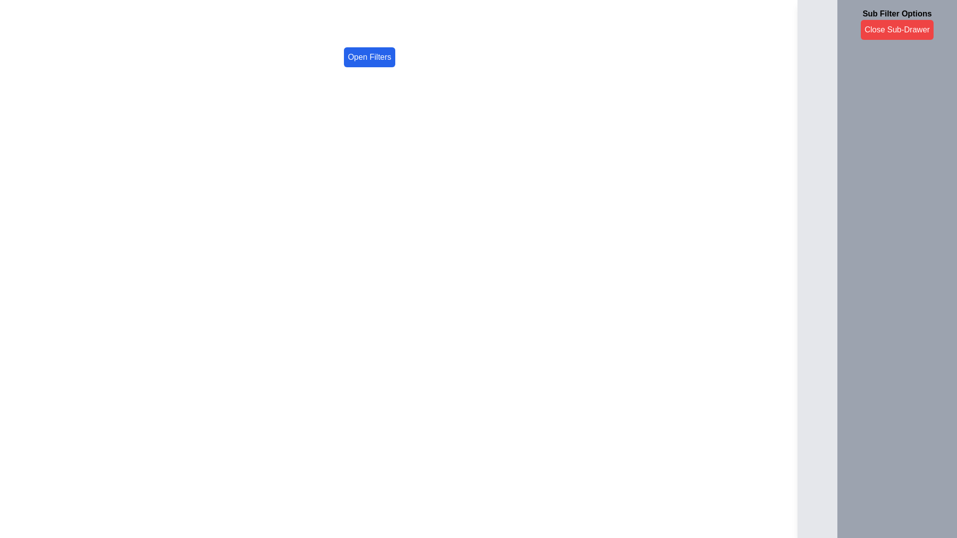 This screenshot has width=957, height=538. What do you see at coordinates (897, 29) in the screenshot?
I see `the button located in the right sidebar beneath the header text 'Sub Filter Options' to observe any hover effects` at bounding box center [897, 29].